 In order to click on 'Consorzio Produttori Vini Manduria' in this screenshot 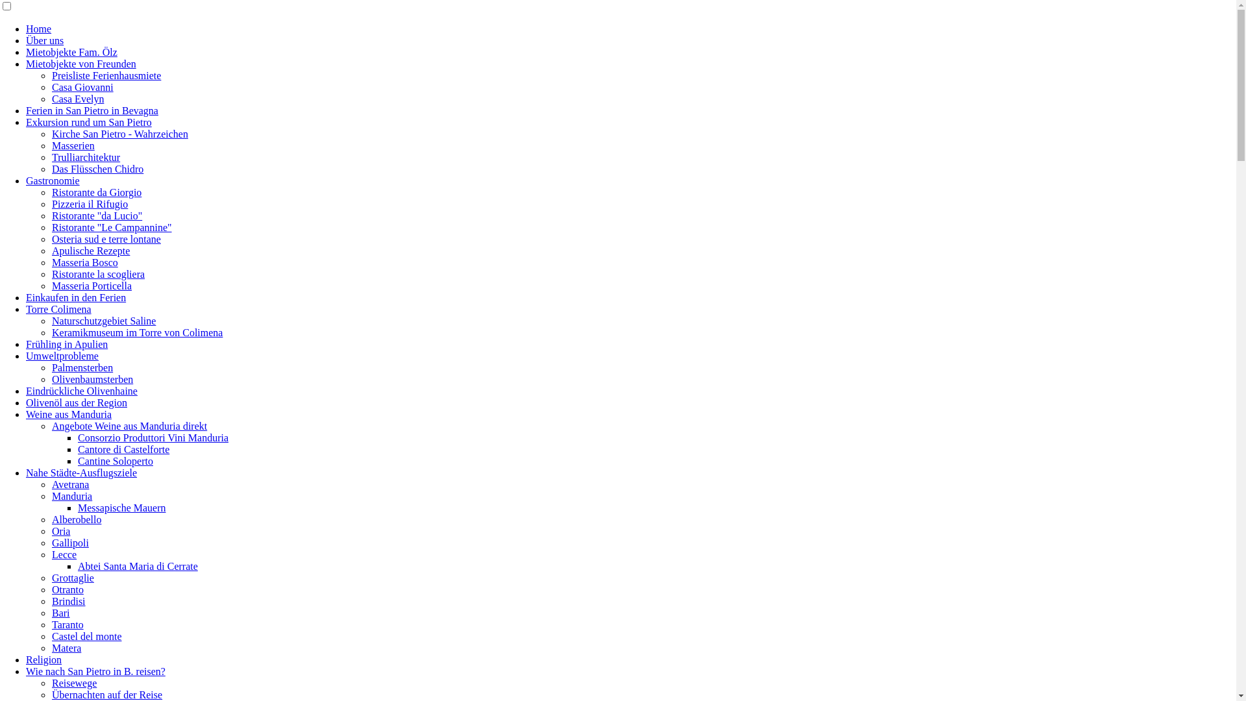, I will do `click(77, 437)`.